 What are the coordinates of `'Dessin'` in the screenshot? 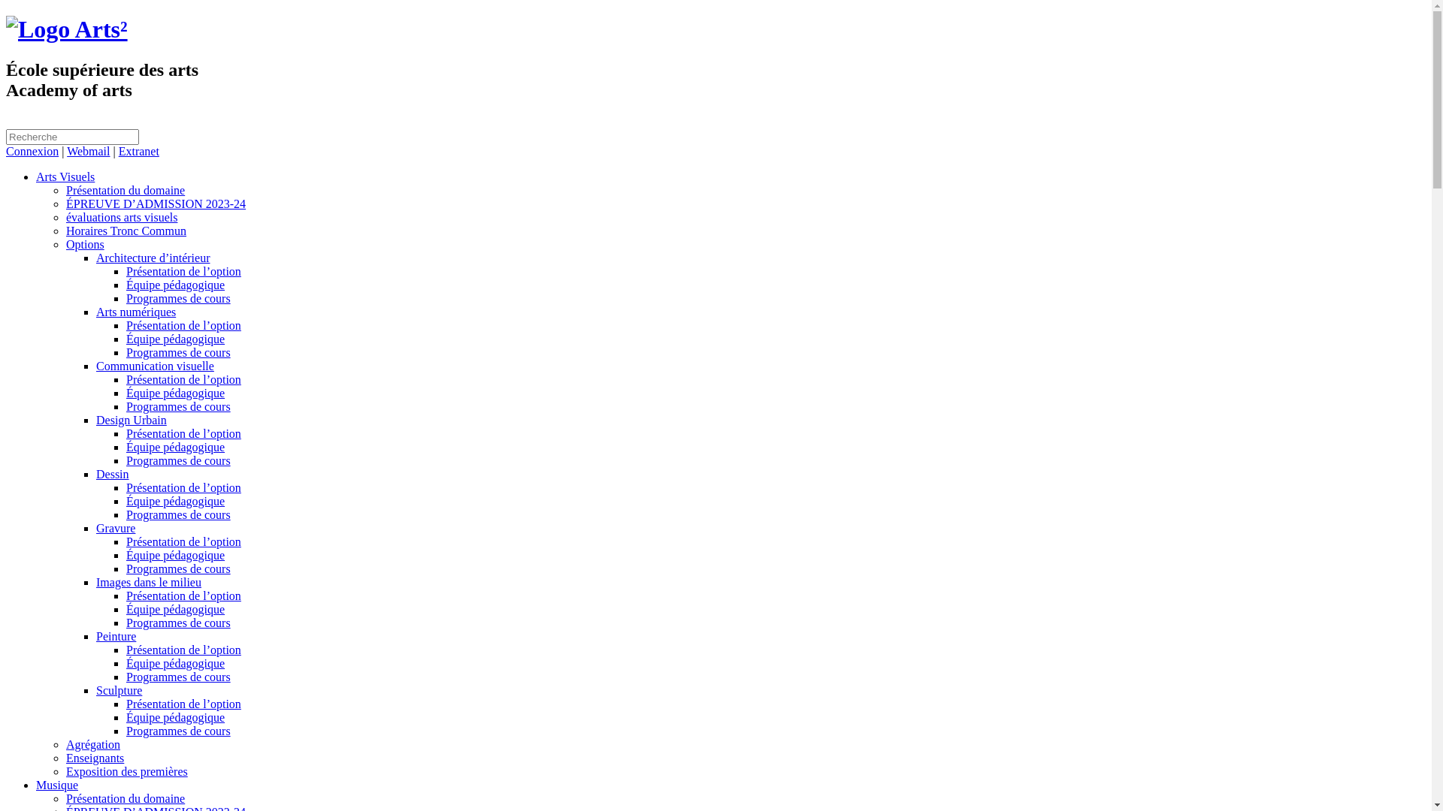 It's located at (111, 474).